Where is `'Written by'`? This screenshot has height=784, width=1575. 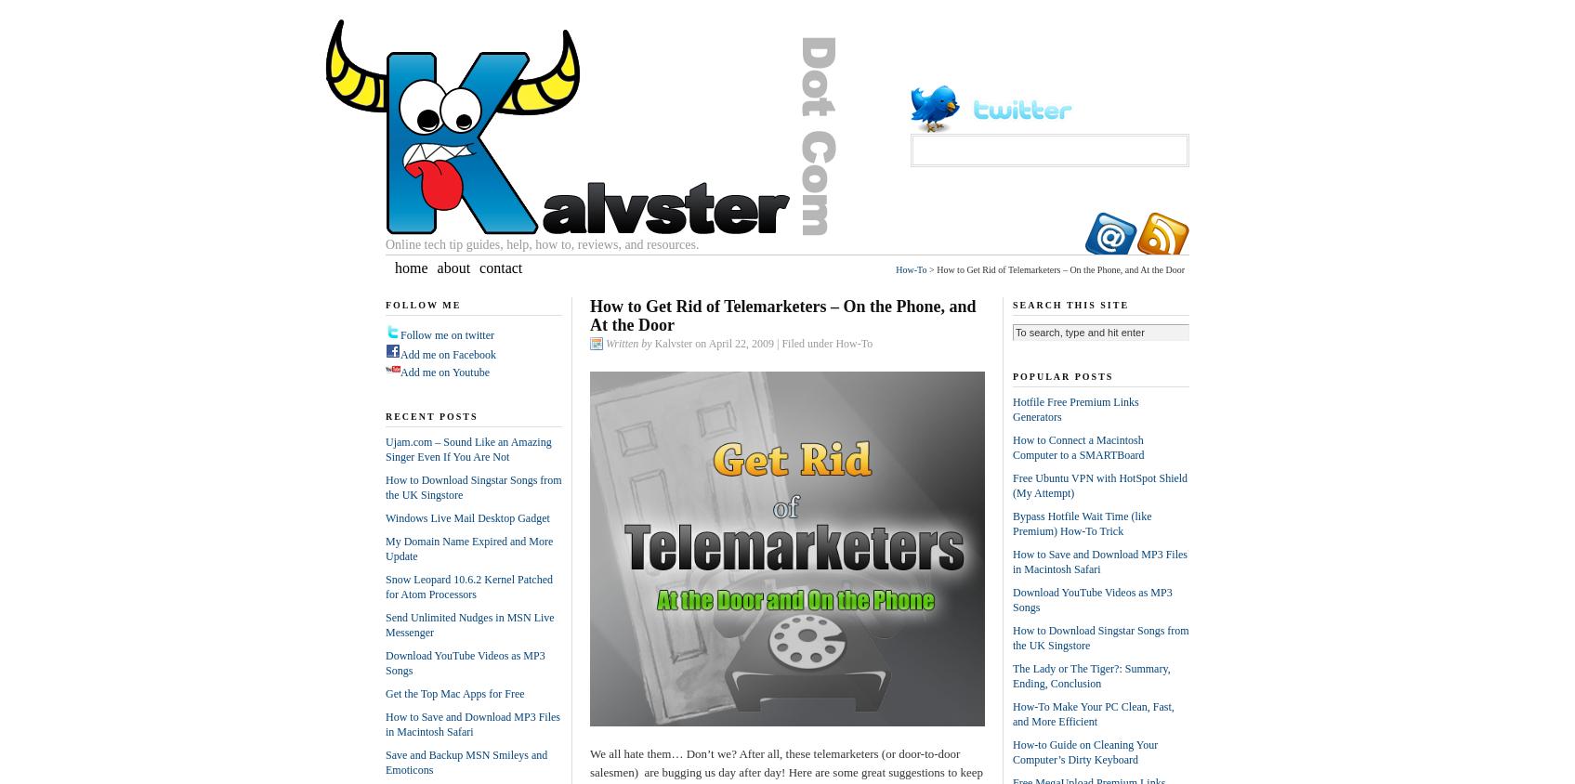
'Written by' is located at coordinates (630, 342).